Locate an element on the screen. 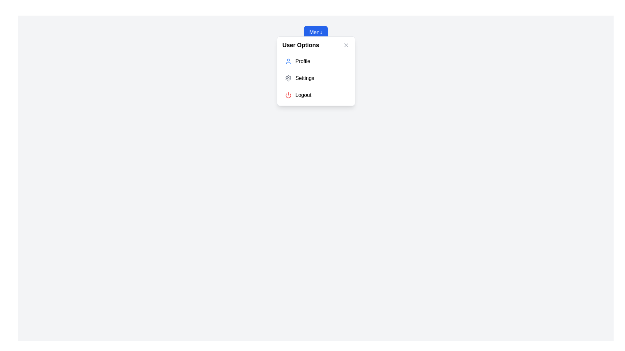 This screenshot has height=351, width=625. the close icon resembling an 'X', located in the top-right corner of the 'User Options' dropdown menu, which changes color upon hover is located at coordinates (346, 45).